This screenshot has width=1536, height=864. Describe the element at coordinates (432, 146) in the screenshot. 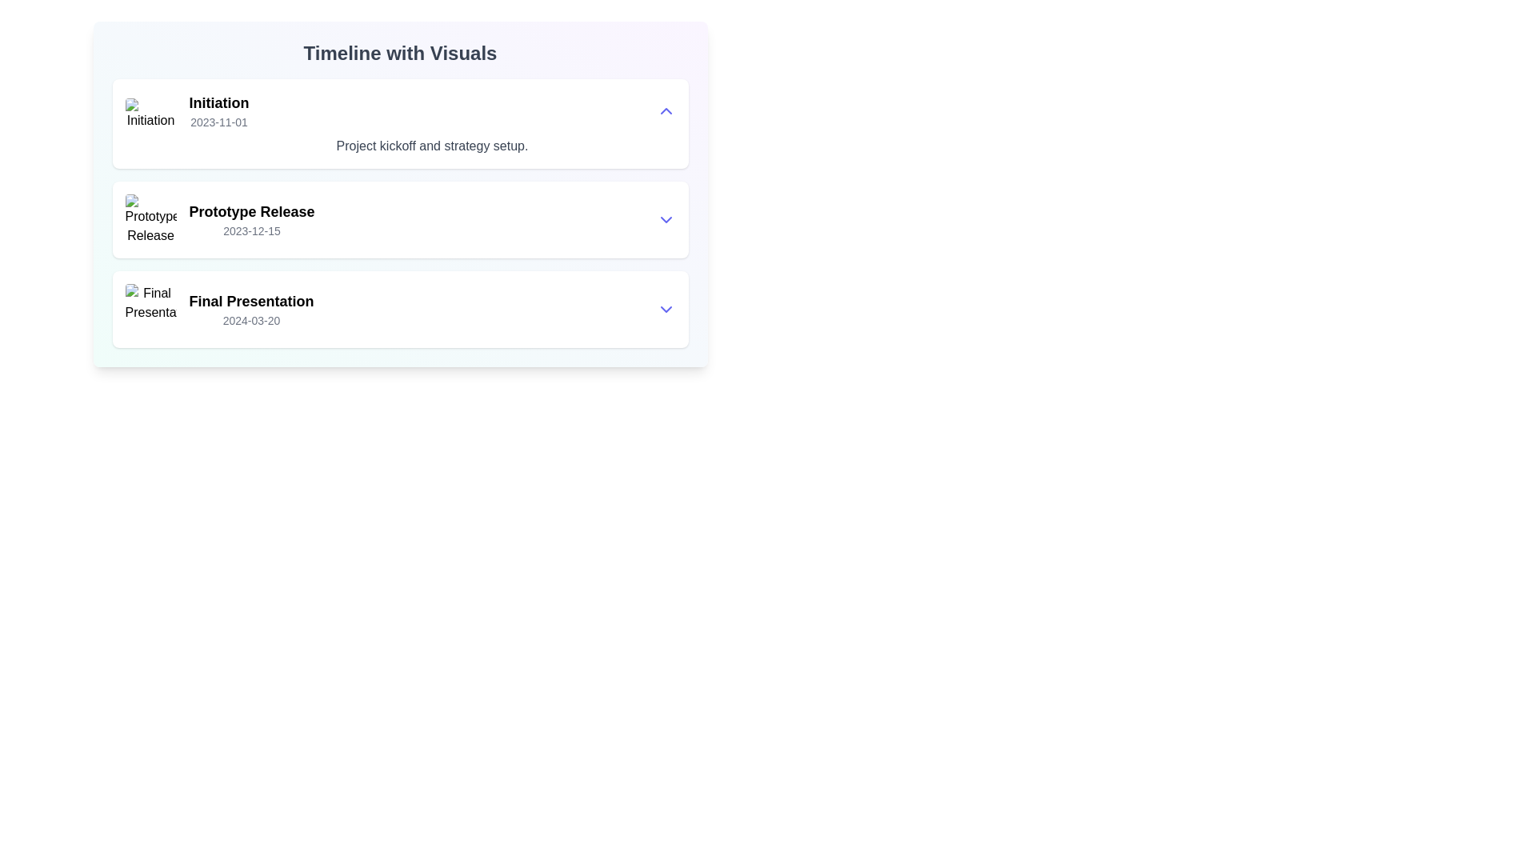

I see `the content of the text label that provides additional information` at that location.